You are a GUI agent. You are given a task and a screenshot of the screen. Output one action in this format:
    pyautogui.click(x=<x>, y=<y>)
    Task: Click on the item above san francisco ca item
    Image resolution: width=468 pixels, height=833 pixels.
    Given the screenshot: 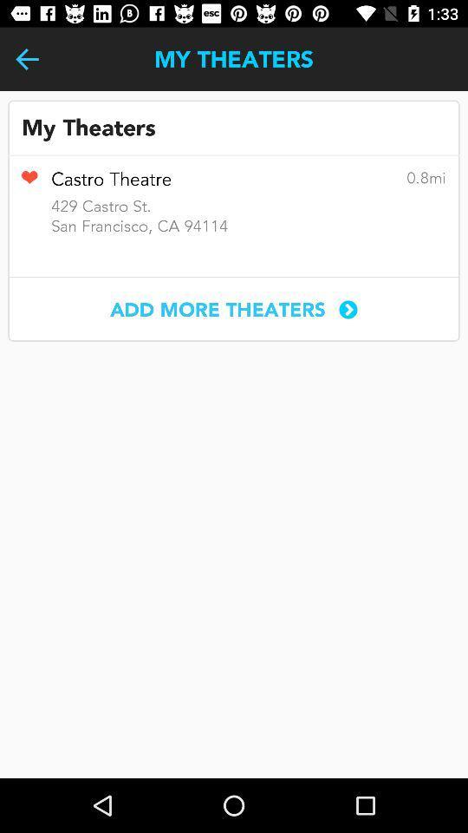 What is the action you would take?
    pyautogui.click(x=29, y=183)
    